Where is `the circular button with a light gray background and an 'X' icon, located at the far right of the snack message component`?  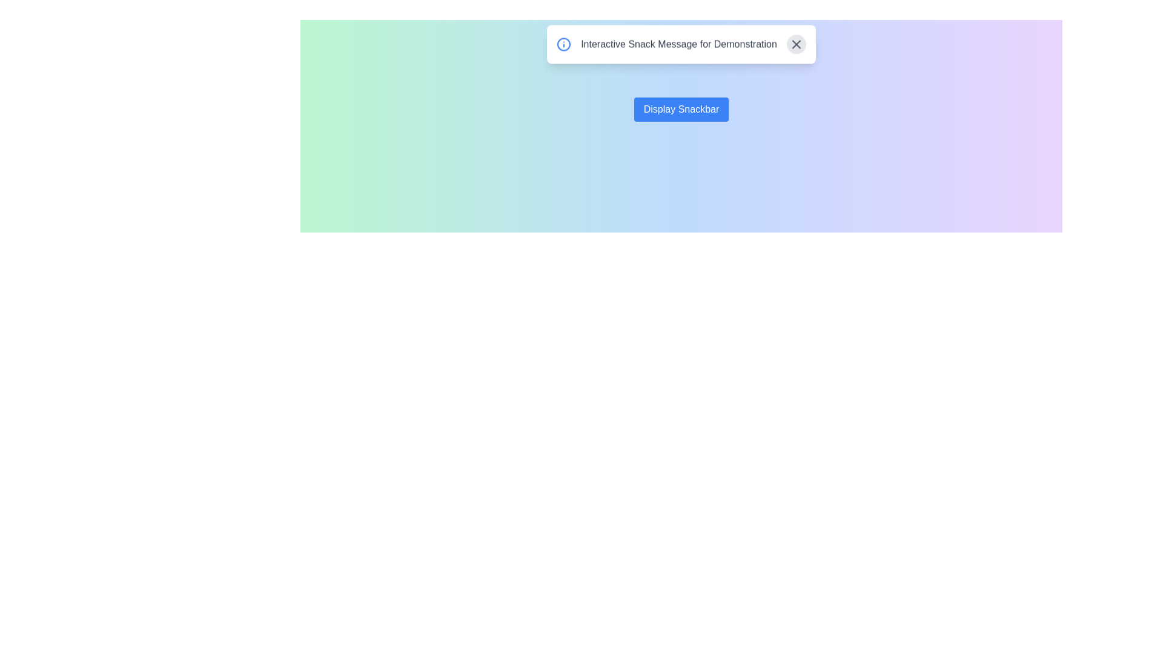
the circular button with a light gray background and an 'X' icon, located at the far right of the snack message component is located at coordinates (796, 48).